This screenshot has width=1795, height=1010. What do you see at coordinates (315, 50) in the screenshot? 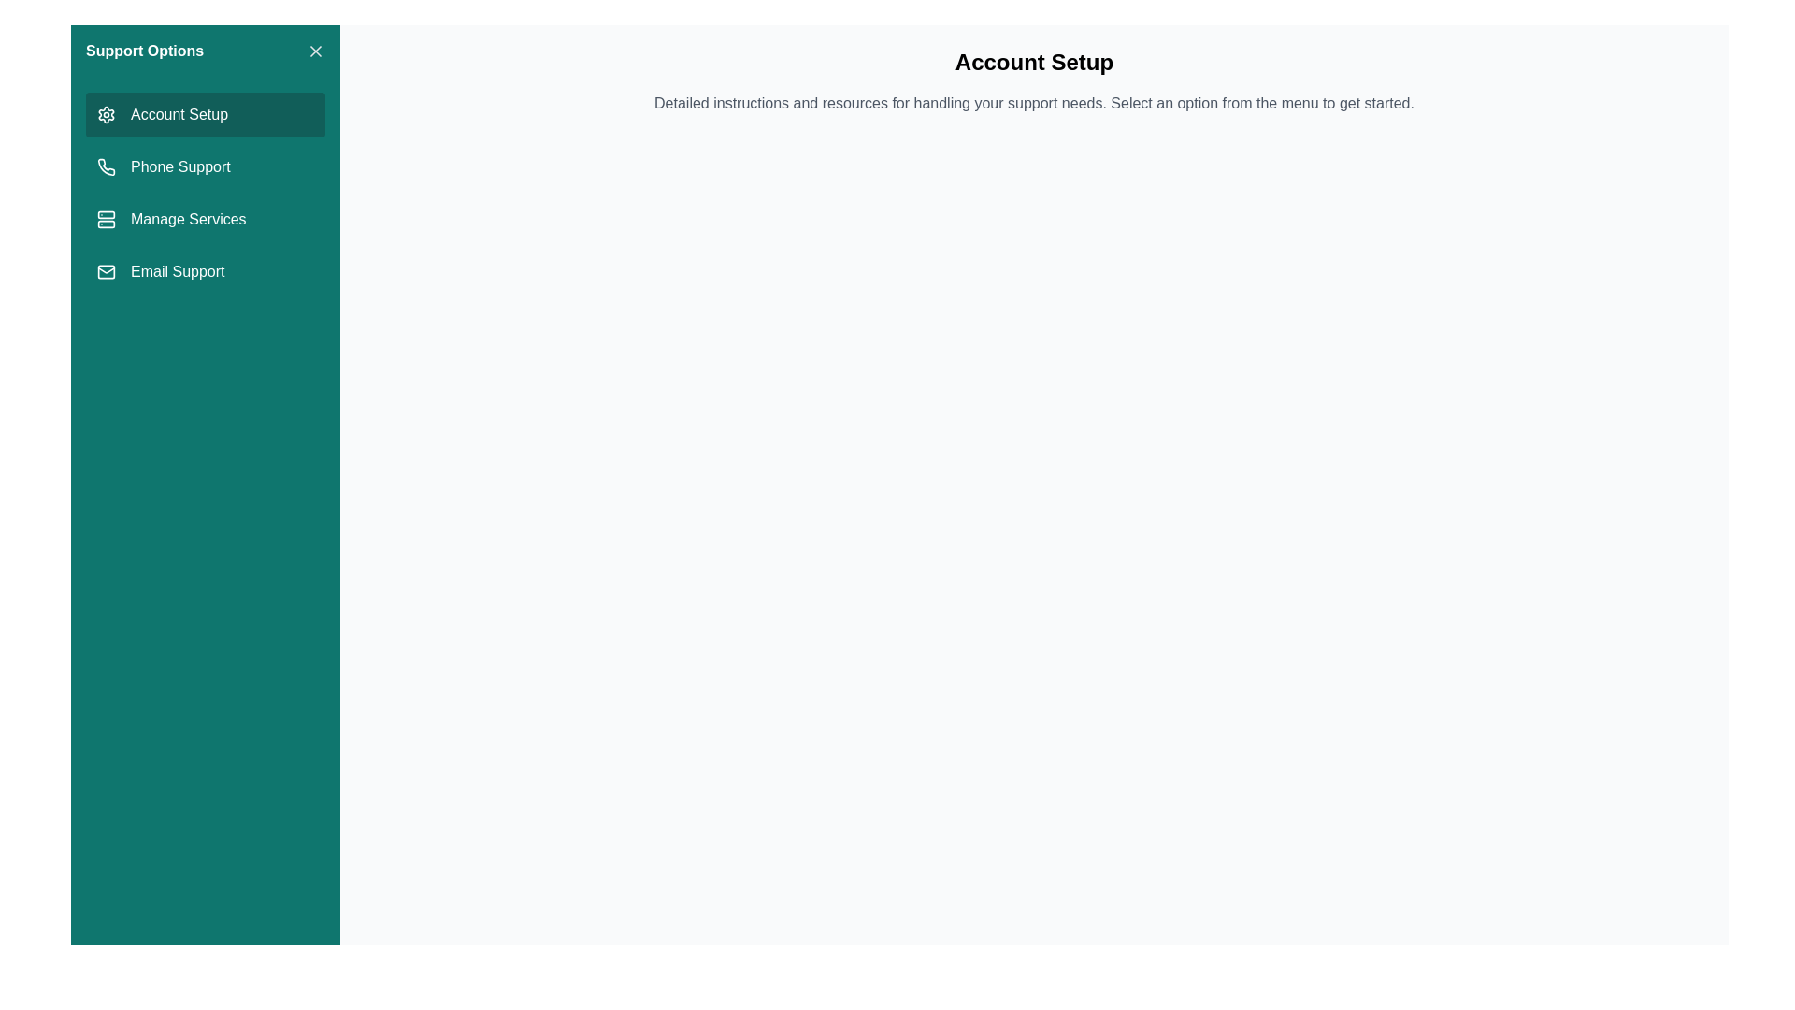
I see `the close button located at the top-right corner of the 'Support Options' section` at bounding box center [315, 50].